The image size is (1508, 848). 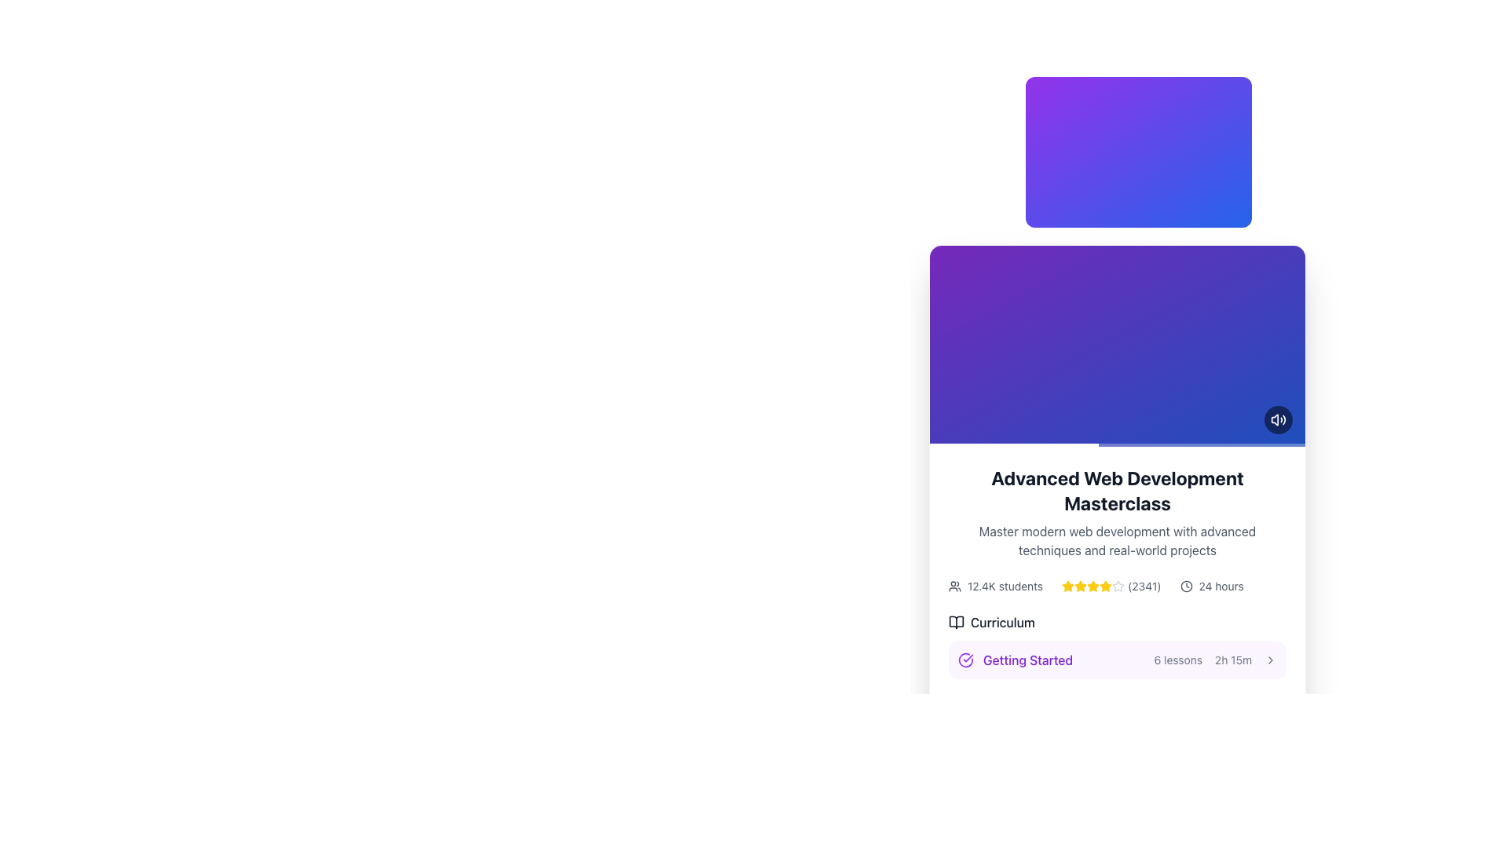 I want to click on text displayed in the Text Display element that shows '6 lessons', which is located at the top-right portion of the card, so click(x=1178, y=660).